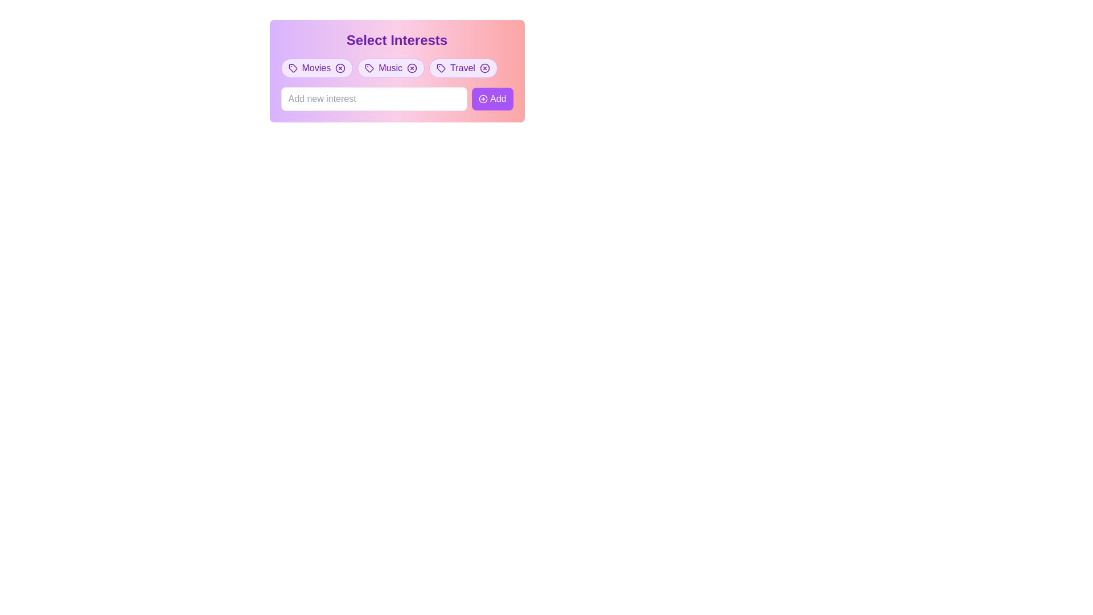 The height and width of the screenshot is (615, 1093). Describe the element at coordinates (462, 68) in the screenshot. I see `the 'Travel' text label which is part of a selectable or removable tag feature, situated between an icon on the left and a close button on the right` at that location.